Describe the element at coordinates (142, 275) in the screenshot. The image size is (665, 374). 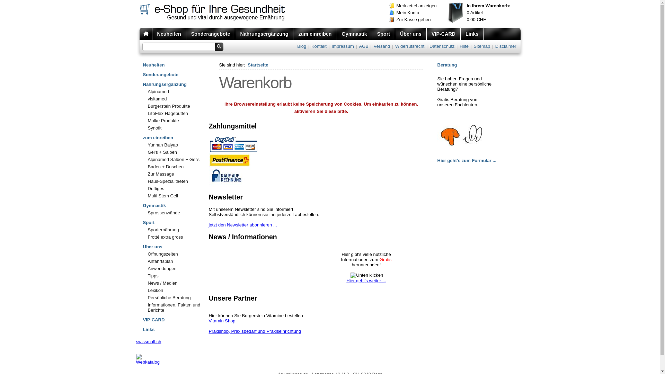
I see `'Tipps'` at that location.